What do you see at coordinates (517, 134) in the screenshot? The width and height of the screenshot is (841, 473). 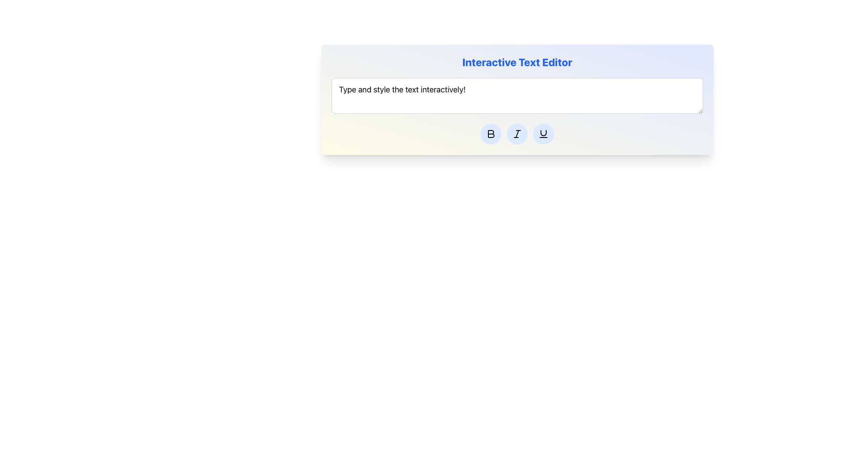 I see `the circular blue button with an italicized 'I' for Italic text formatting, located between the 'B' (bold) button and 'U' (underline) button` at bounding box center [517, 134].